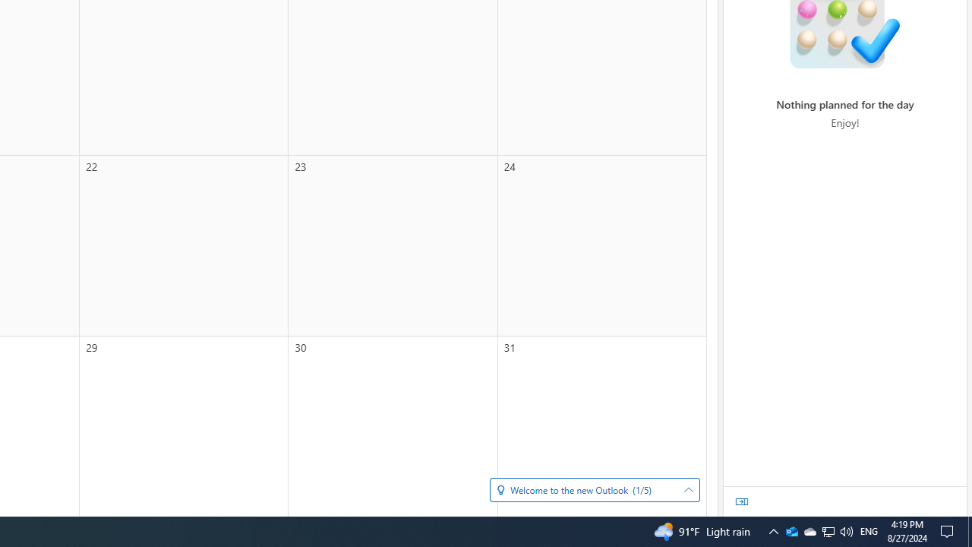 This screenshot has width=972, height=547. What do you see at coordinates (791, 530) in the screenshot?
I see `'Notification Chevron'` at bounding box center [791, 530].